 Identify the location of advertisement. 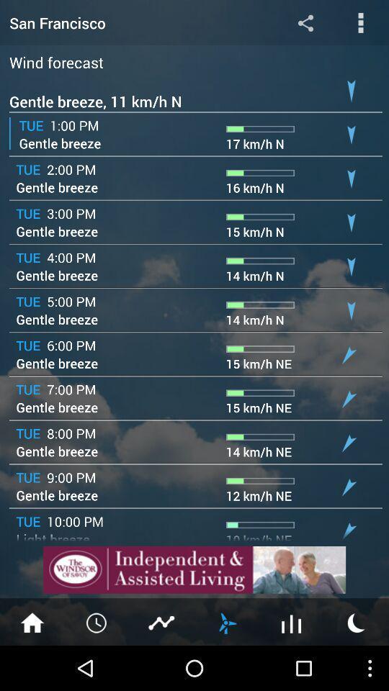
(194, 569).